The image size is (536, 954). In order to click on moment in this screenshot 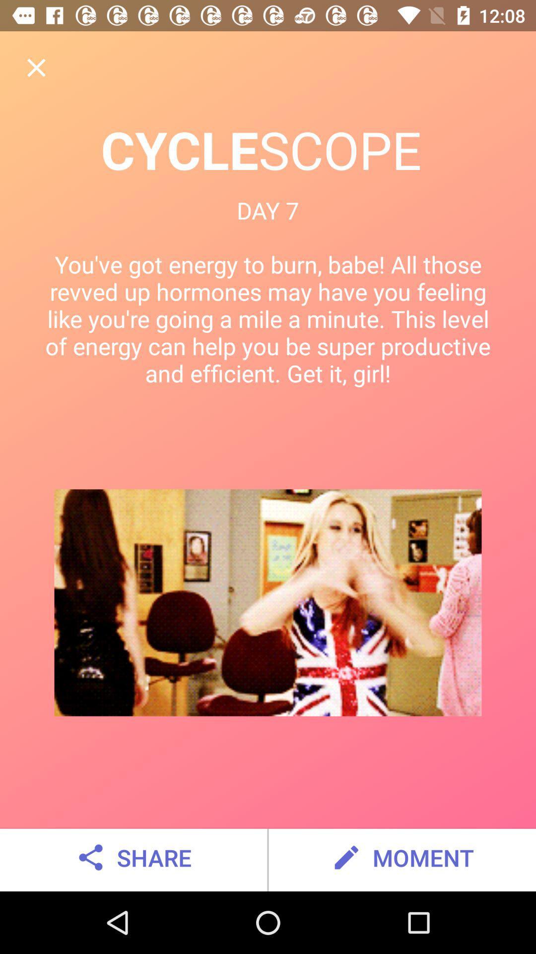, I will do `click(402, 857)`.